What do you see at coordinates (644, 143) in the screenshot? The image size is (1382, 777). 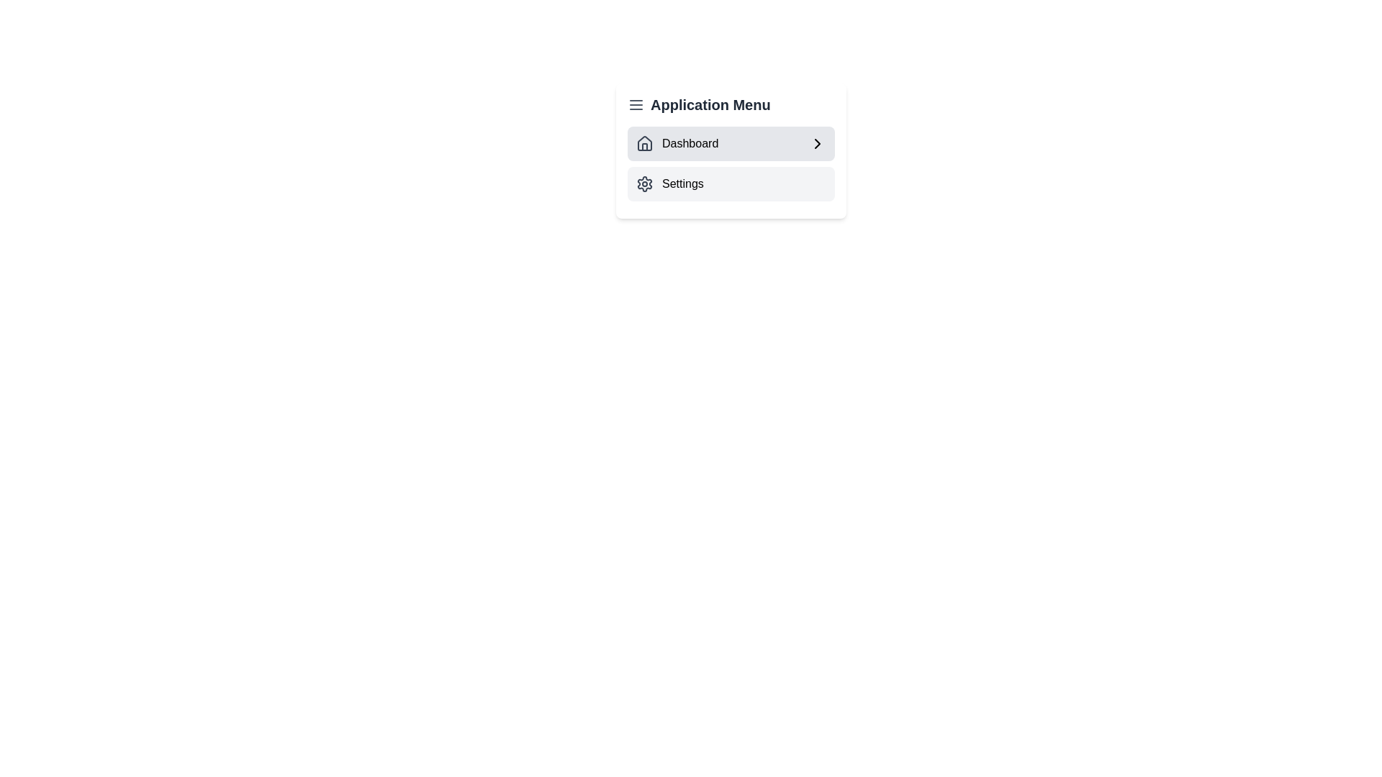 I see `the gray house-shaped icon located in the Application Menu, which is part of the Dashboard entry` at bounding box center [644, 143].